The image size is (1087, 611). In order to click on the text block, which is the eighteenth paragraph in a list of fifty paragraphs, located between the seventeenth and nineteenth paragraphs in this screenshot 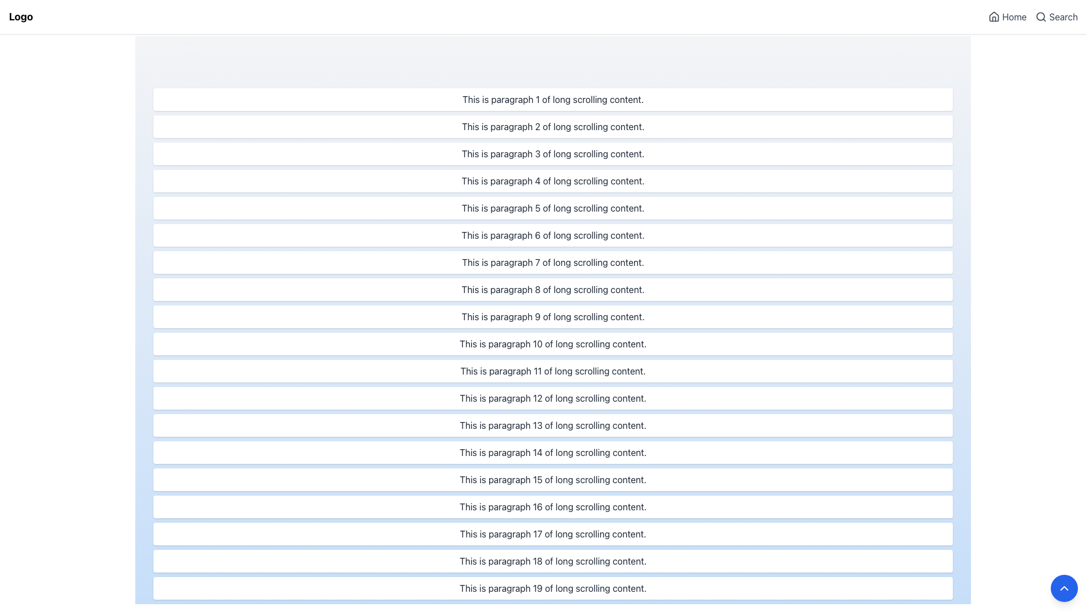, I will do `click(553, 561)`.